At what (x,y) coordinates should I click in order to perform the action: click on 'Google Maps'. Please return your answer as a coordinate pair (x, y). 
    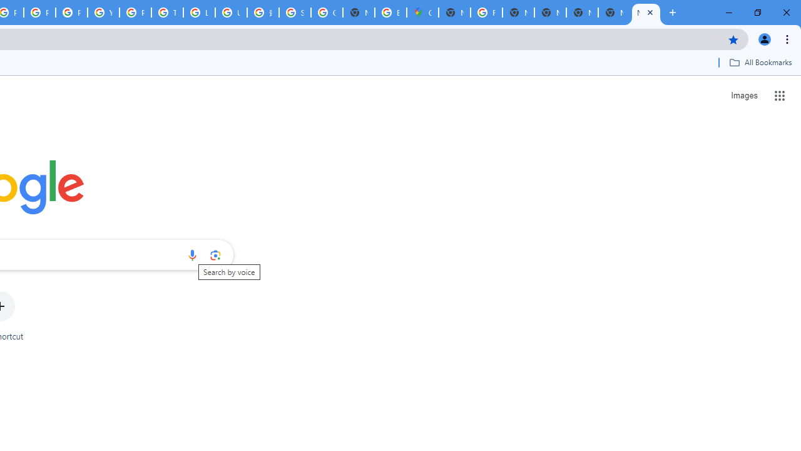
    Looking at the image, I should click on (422, 13).